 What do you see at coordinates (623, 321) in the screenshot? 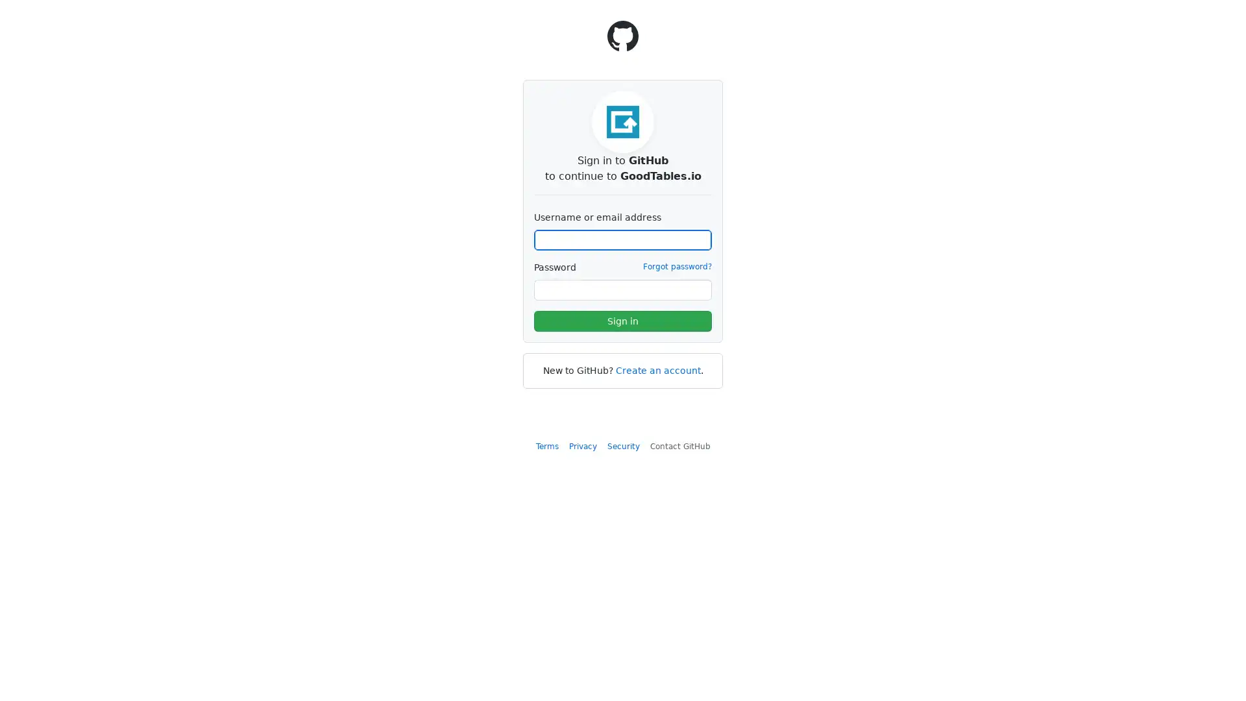
I see `Sign in` at bounding box center [623, 321].